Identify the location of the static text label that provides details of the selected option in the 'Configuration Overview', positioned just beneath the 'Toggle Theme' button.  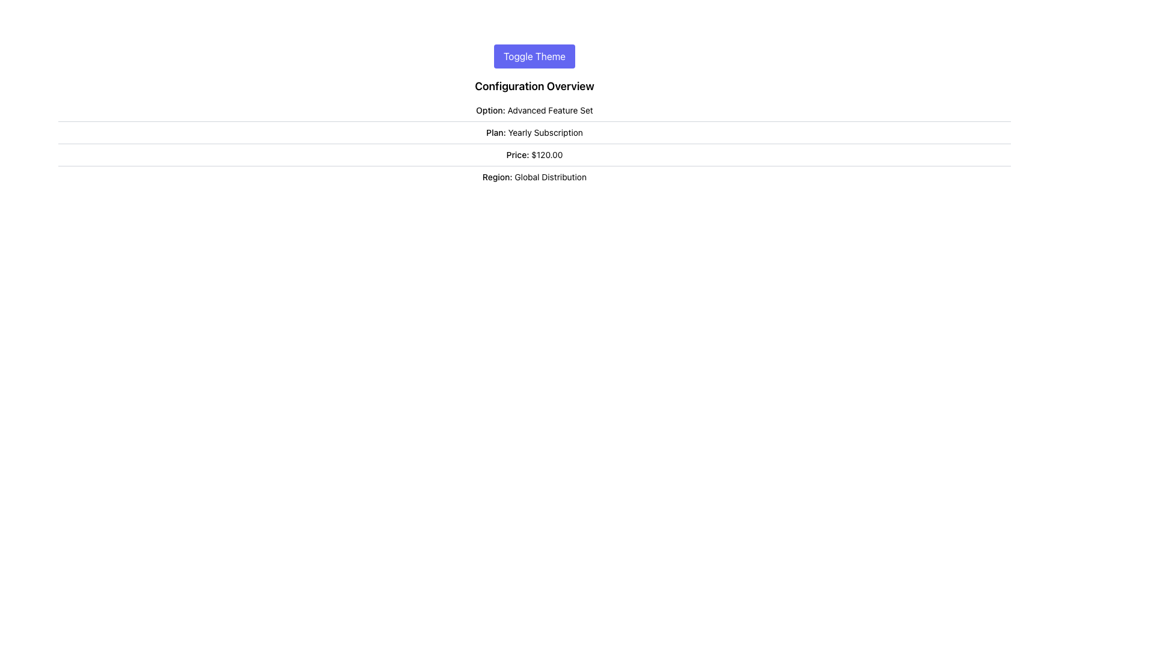
(534, 111).